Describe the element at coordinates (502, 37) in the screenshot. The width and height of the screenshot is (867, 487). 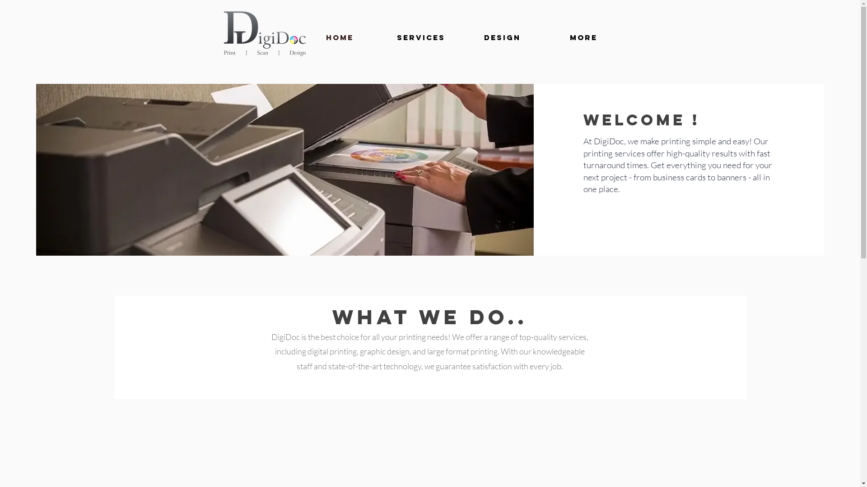
I see `'Design'` at that location.